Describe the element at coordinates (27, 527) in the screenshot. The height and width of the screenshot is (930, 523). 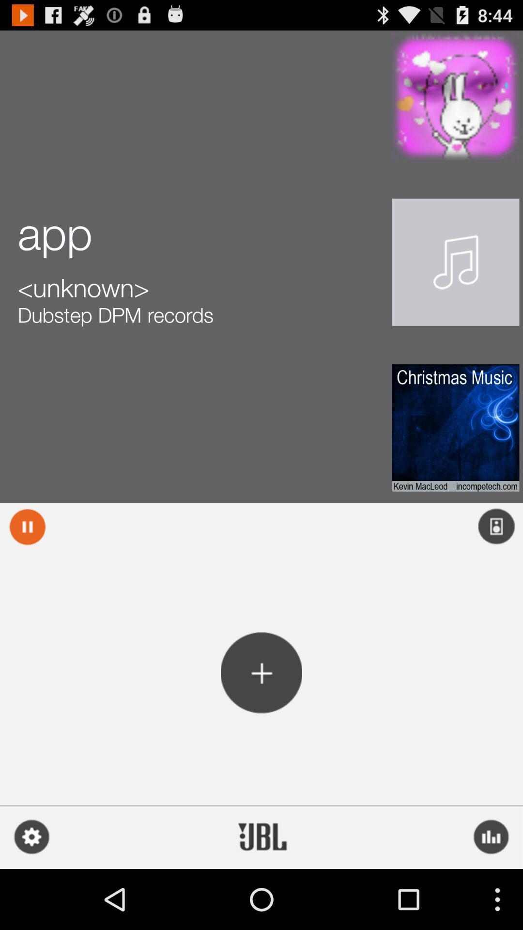
I see `the pause icon which is of orange color` at that location.